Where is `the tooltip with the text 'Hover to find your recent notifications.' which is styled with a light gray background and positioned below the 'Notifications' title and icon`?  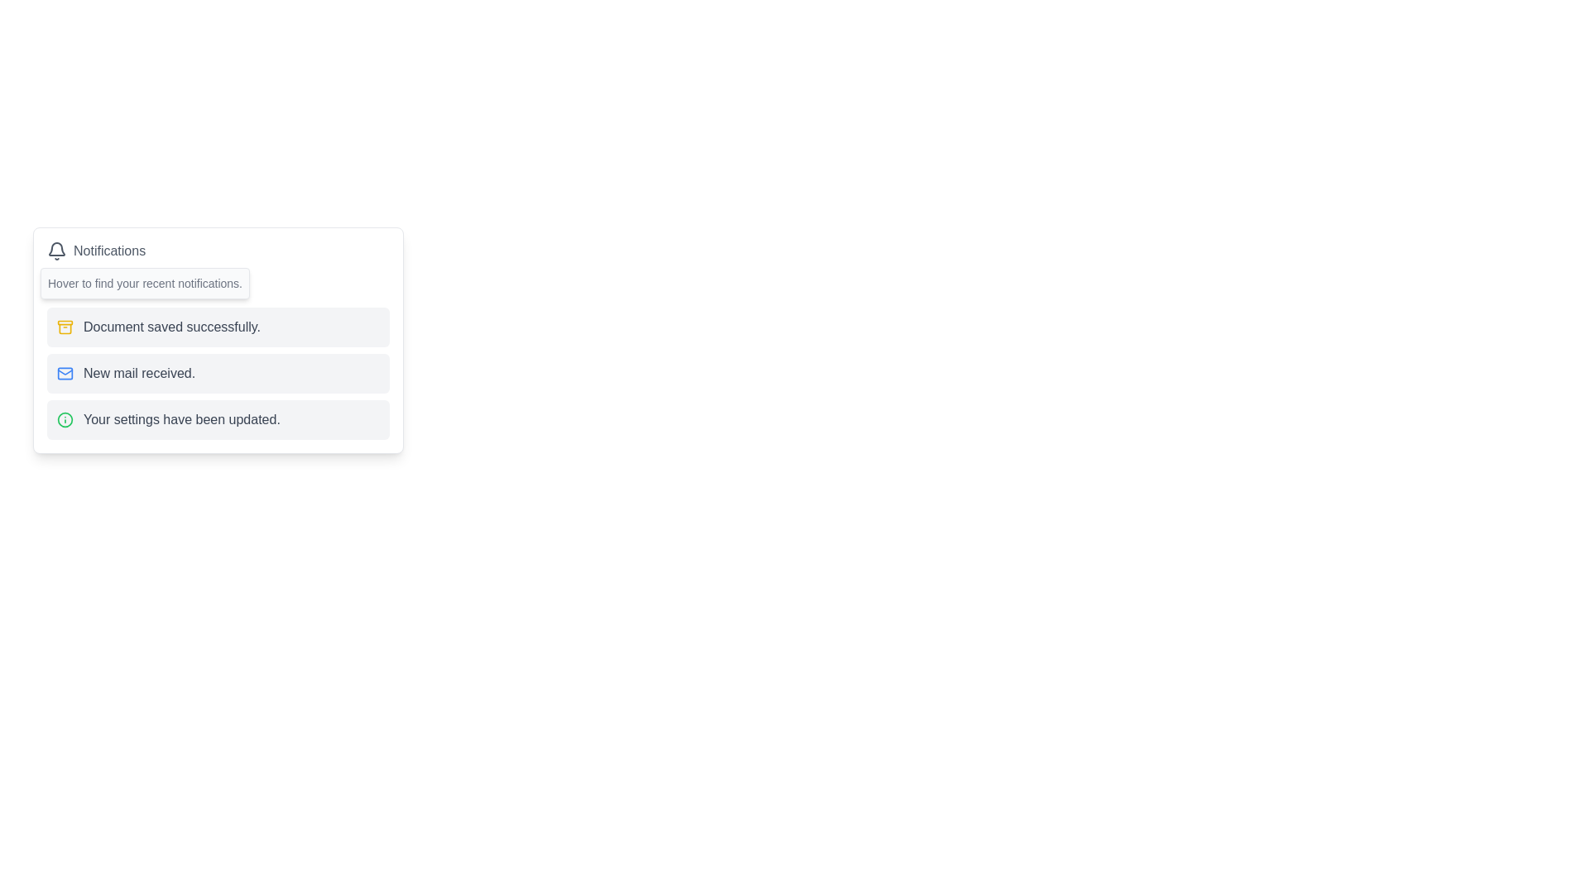
the tooltip with the text 'Hover to find your recent notifications.' which is styled with a light gray background and positioned below the 'Notifications' title and icon is located at coordinates (145, 283).